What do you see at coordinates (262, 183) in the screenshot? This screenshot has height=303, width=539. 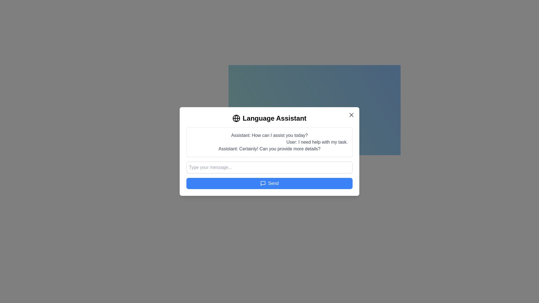 I see `the messaging icon located in the header section of the modal window, positioned to the left of the 'Language Assistant' title text` at bounding box center [262, 183].